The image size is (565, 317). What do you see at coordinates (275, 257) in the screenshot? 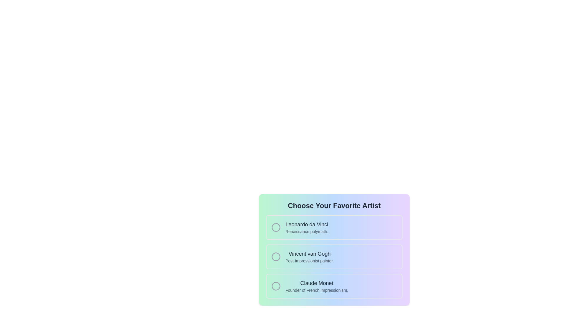
I see `the selected radio button next to 'Vincent van Gogh' to deselect it` at bounding box center [275, 257].